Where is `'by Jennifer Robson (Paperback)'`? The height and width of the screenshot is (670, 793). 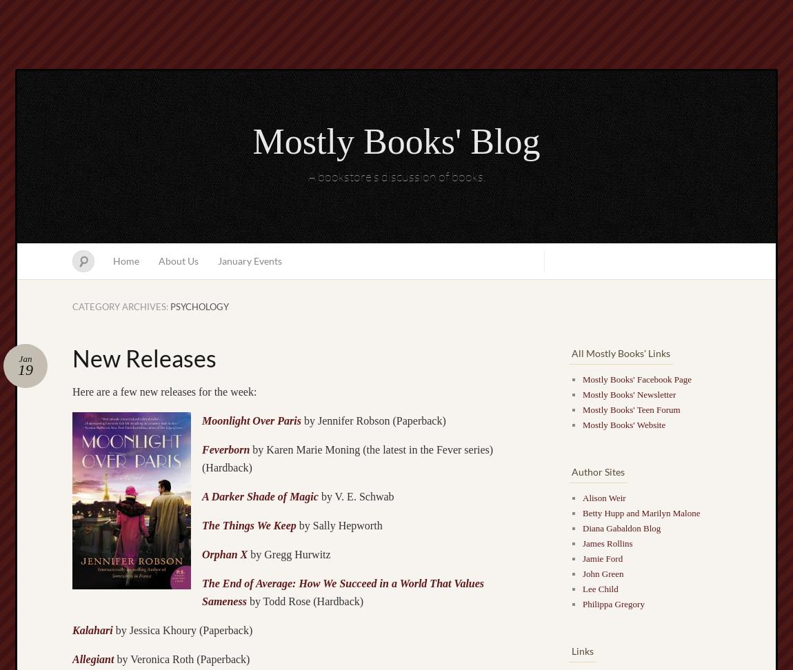 'by Jennifer Robson (Paperback)' is located at coordinates (374, 420).